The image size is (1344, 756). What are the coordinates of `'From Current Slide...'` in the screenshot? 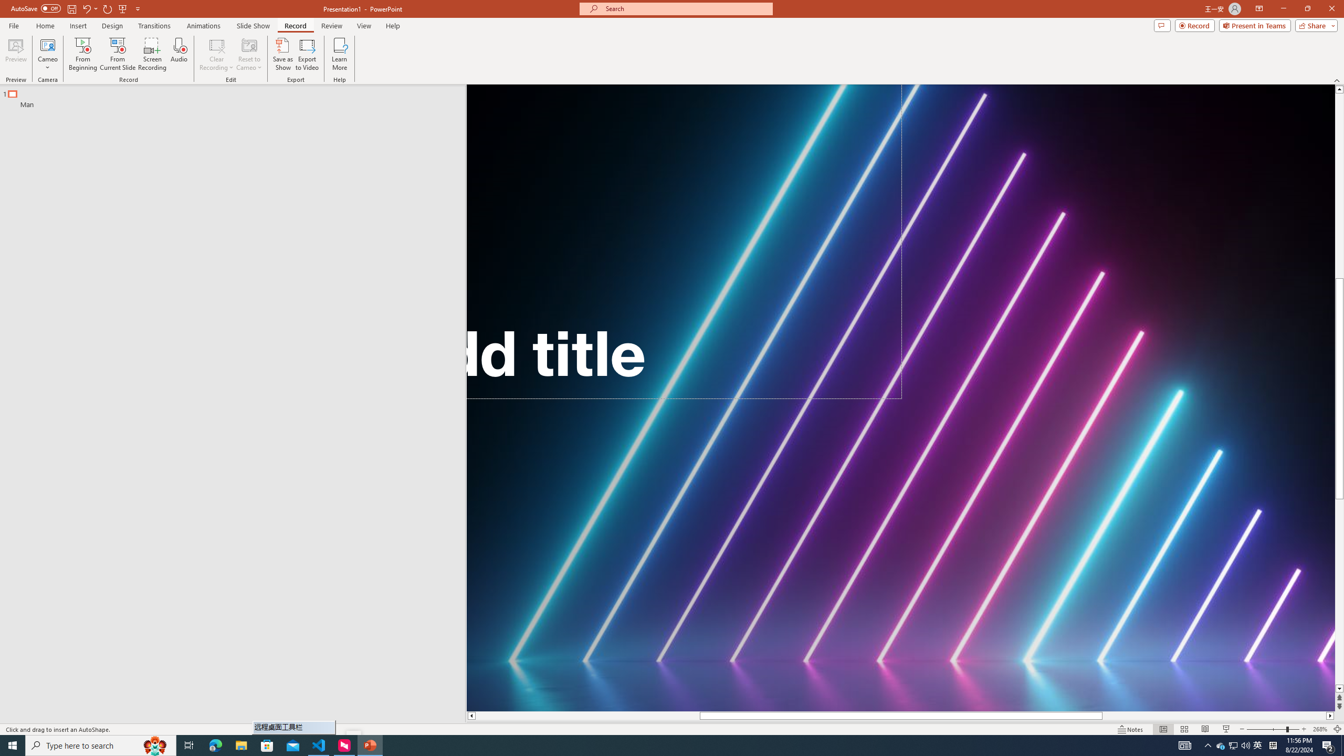 It's located at (118, 54).